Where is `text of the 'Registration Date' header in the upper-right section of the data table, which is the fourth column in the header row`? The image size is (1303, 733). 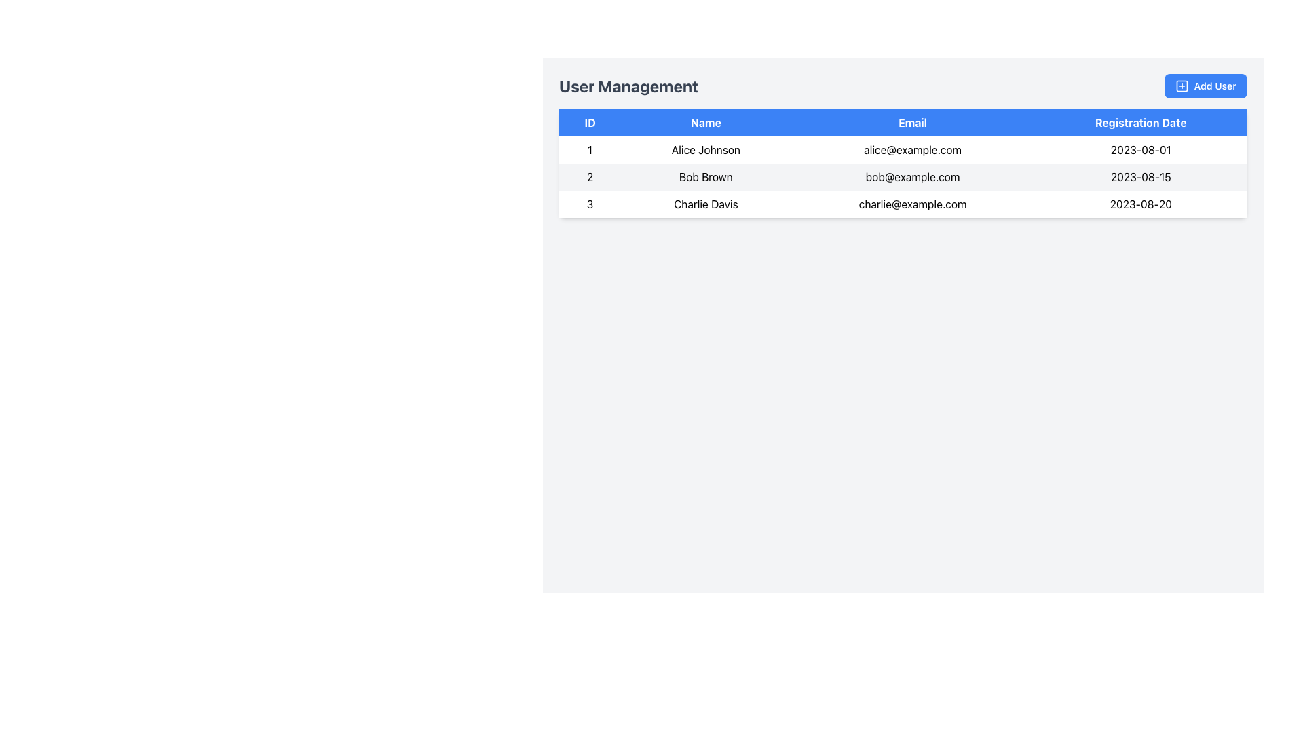
text of the 'Registration Date' header in the upper-right section of the data table, which is the fourth column in the header row is located at coordinates (1140, 123).